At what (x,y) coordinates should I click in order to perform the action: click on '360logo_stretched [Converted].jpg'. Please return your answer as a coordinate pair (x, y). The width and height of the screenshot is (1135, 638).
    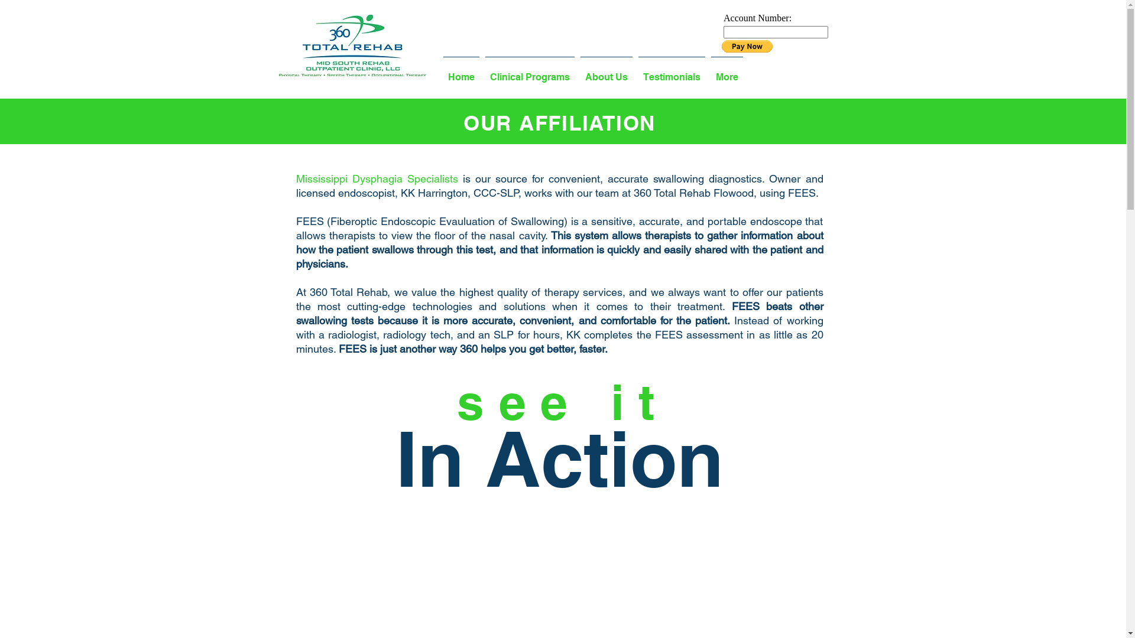
    Looking at the image, I should click on (352, 45).